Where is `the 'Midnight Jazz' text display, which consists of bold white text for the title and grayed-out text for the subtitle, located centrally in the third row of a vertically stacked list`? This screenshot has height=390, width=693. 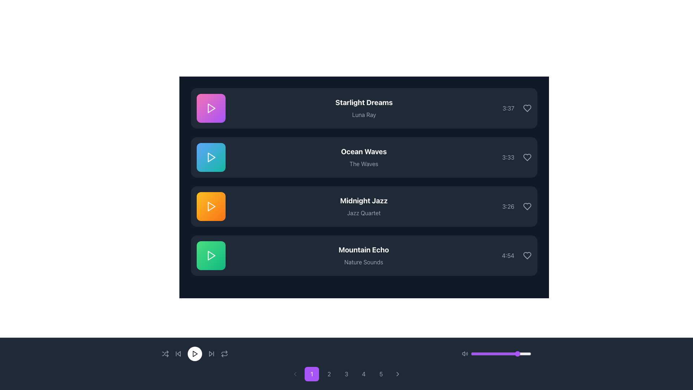 the 'Midnight Jazz' text display, which consists of bold white text for the title and grayed-out text for the subtitle, located centrally in the third row of a vertically stacked list is located at coordinates (364, 206).